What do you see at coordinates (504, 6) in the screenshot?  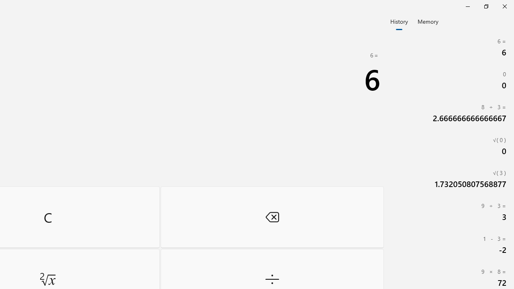 I see `'Close Calculator'` at bounding box center [504, 6].